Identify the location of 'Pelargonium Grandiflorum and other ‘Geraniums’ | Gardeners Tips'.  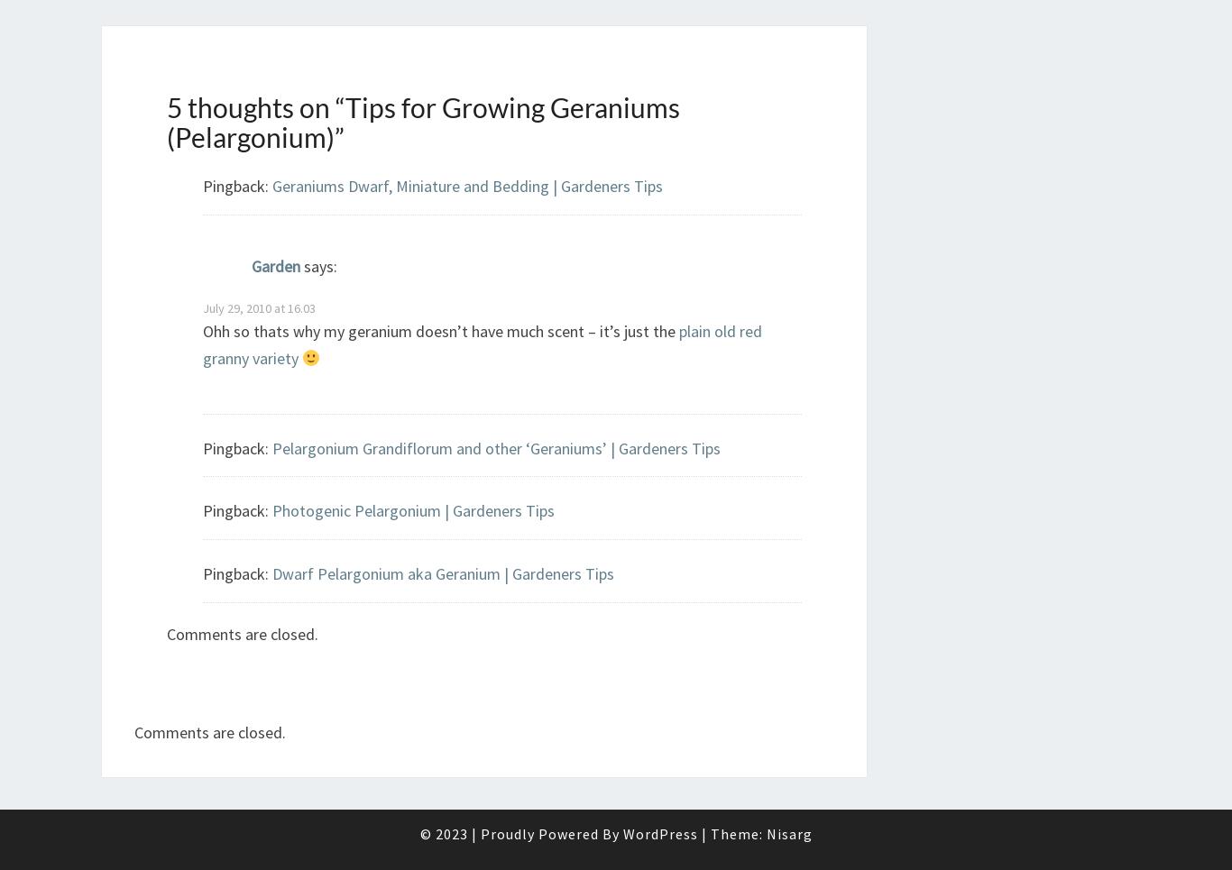
(272, 447).